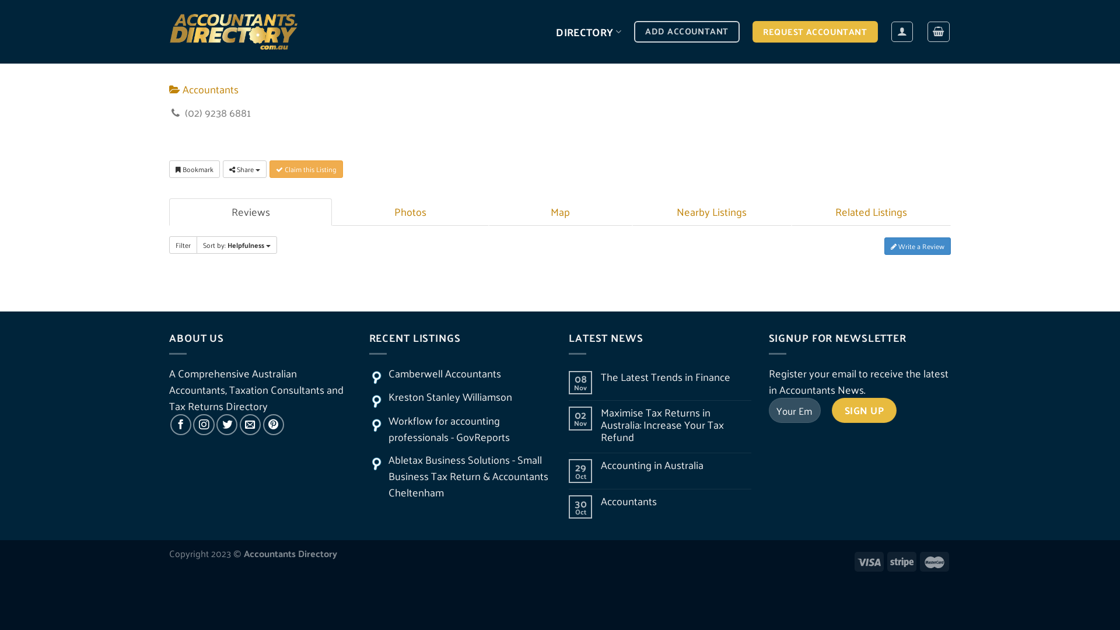 This screenshot has height=630, width=1120. I want to click on 'Follow on Pinterest', so click(273, 425).